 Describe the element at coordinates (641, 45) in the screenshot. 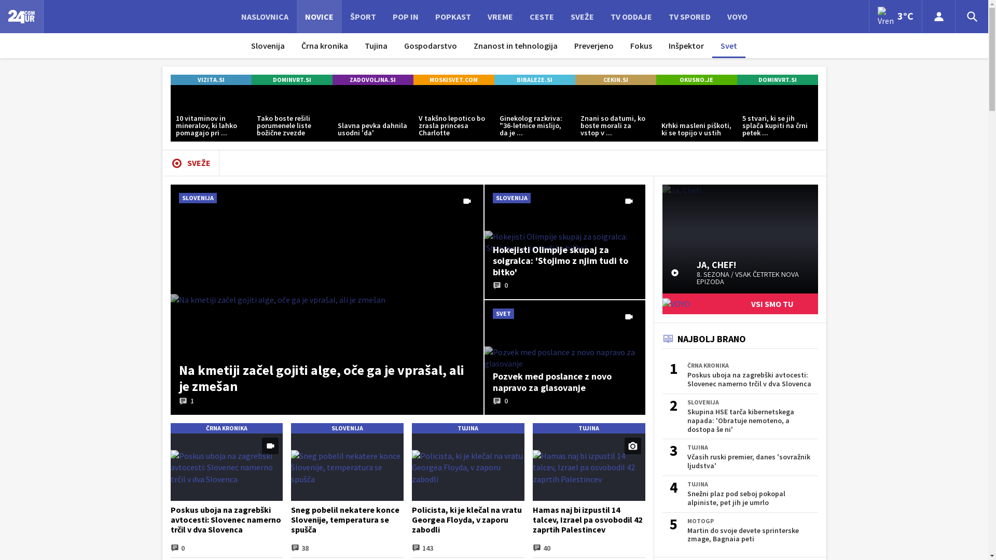

I see `'Fokus'` at that location.